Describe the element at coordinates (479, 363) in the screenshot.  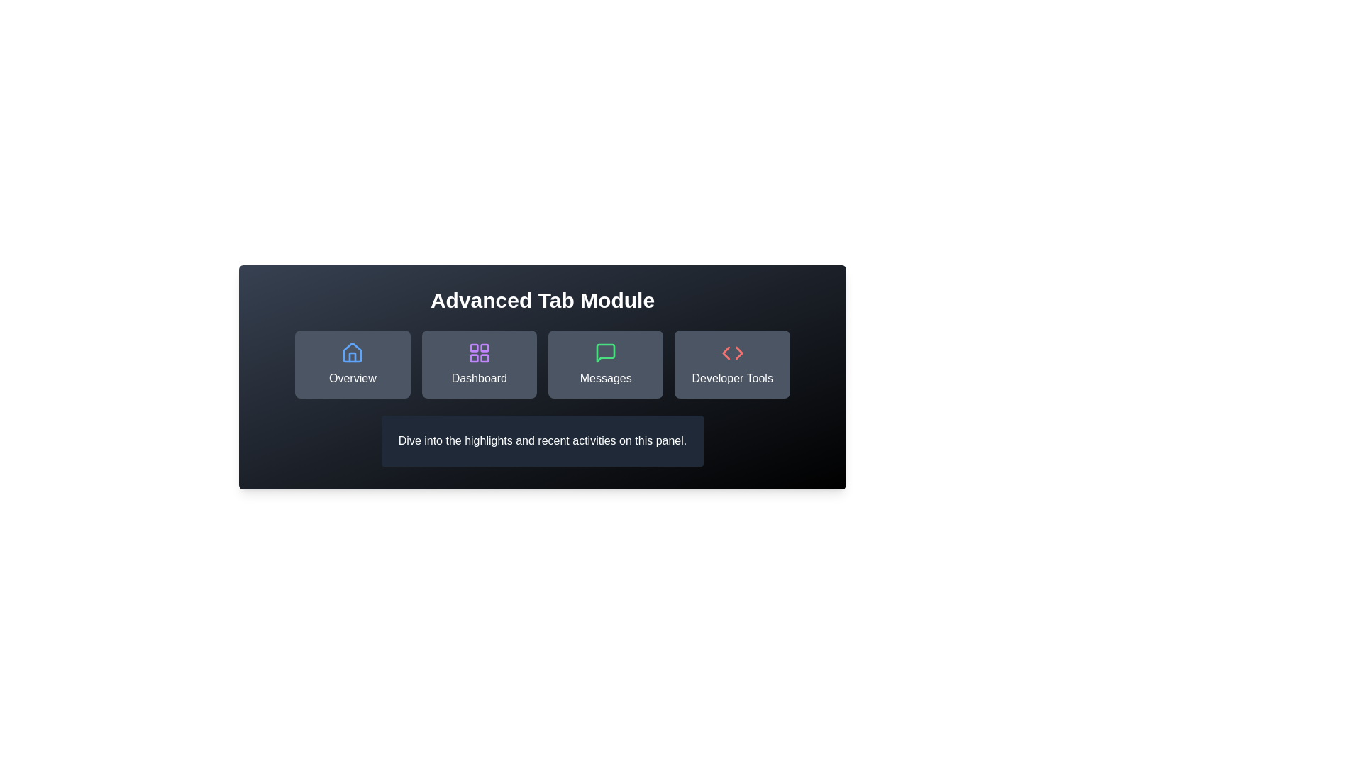
I see `the button labeled Dashboard` at that location.